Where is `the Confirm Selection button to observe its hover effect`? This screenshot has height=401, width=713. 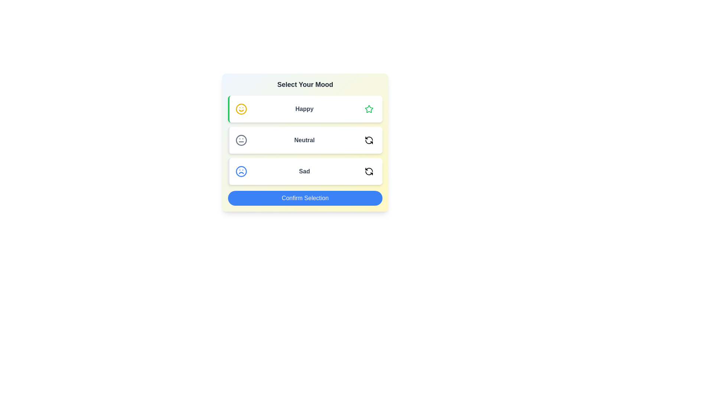 the Confirm Selection button to observe its hover effect is located at coordinates (305, 198).